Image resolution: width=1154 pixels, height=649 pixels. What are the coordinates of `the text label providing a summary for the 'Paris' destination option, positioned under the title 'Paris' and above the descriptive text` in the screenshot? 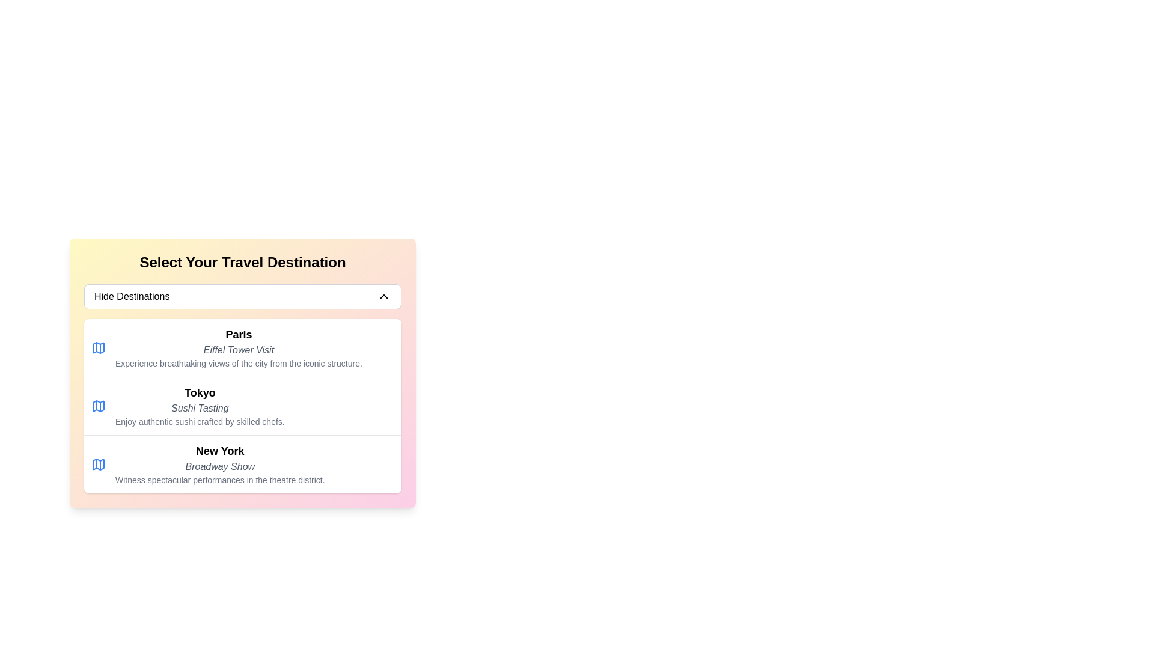 It's located at (239, 350).